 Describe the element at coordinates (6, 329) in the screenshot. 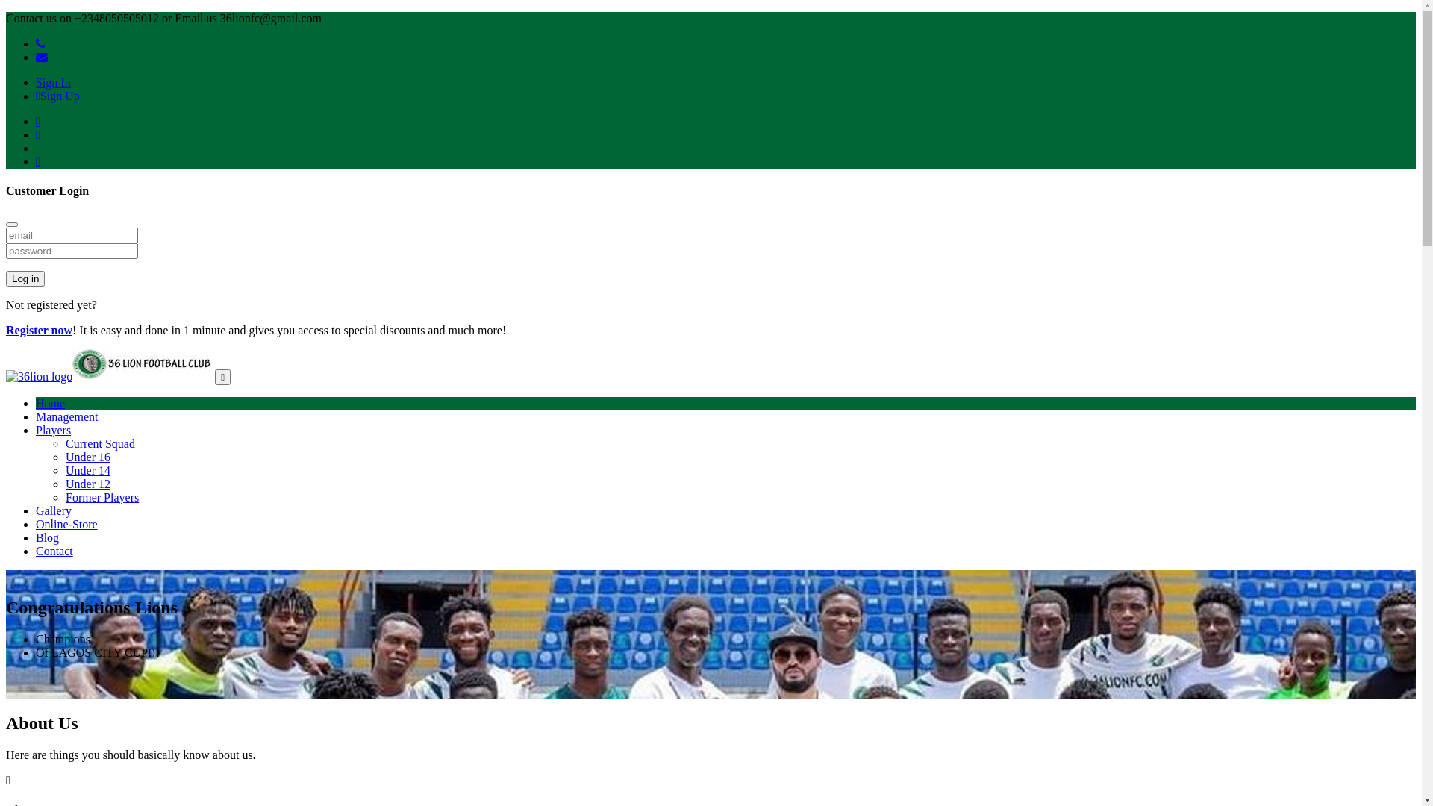

I see `'Register now'` at that location.